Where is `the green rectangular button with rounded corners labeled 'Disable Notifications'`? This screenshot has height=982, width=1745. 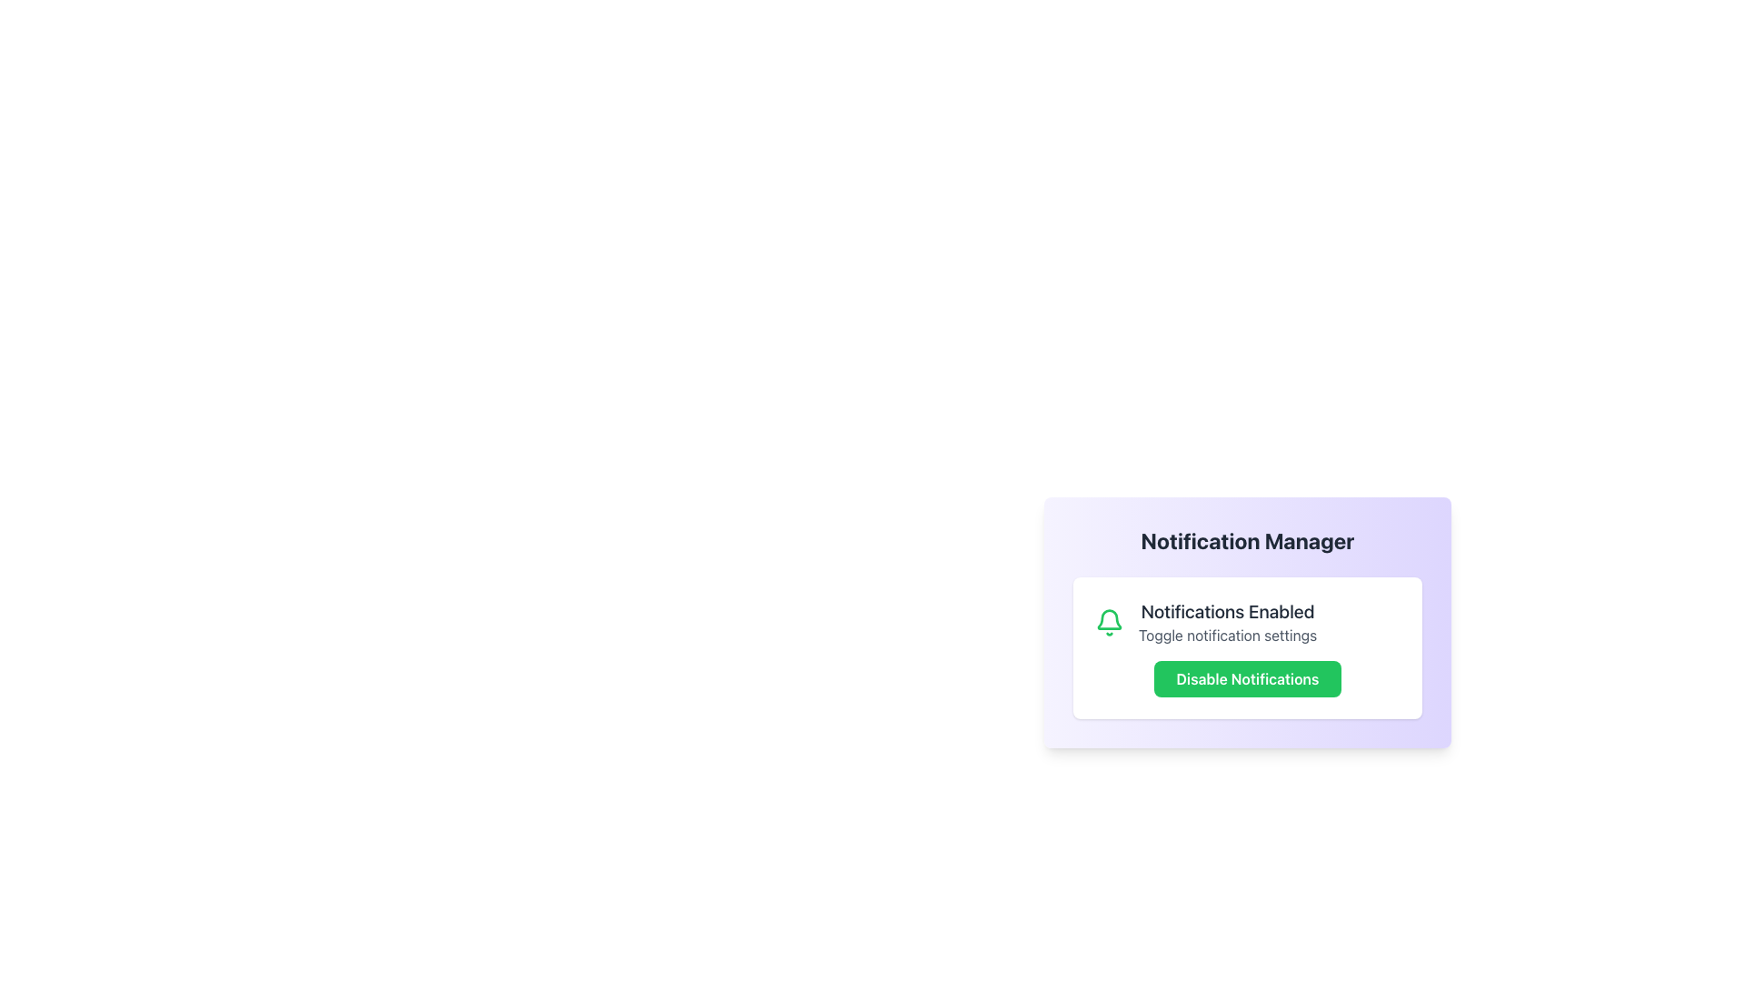 the green rectangular button with rounded corners labeled 'Disable Notifications' is located at coordinates (1246, 679).